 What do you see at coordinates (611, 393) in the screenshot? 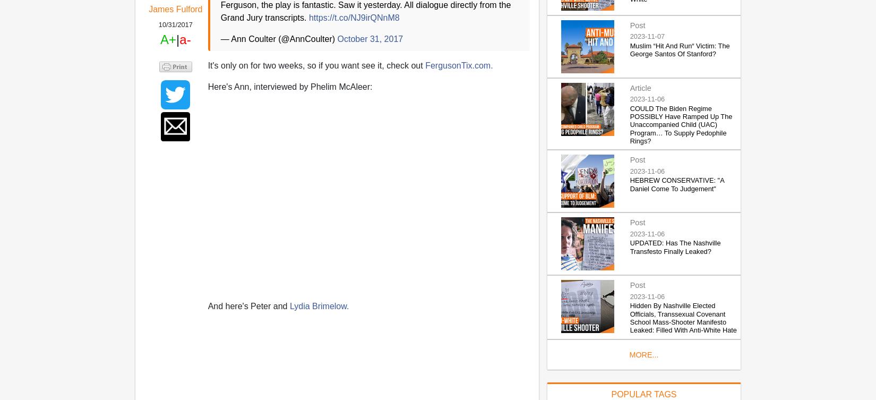
I see `'POPULAR TAGS'` at bounding box center [611, 393].